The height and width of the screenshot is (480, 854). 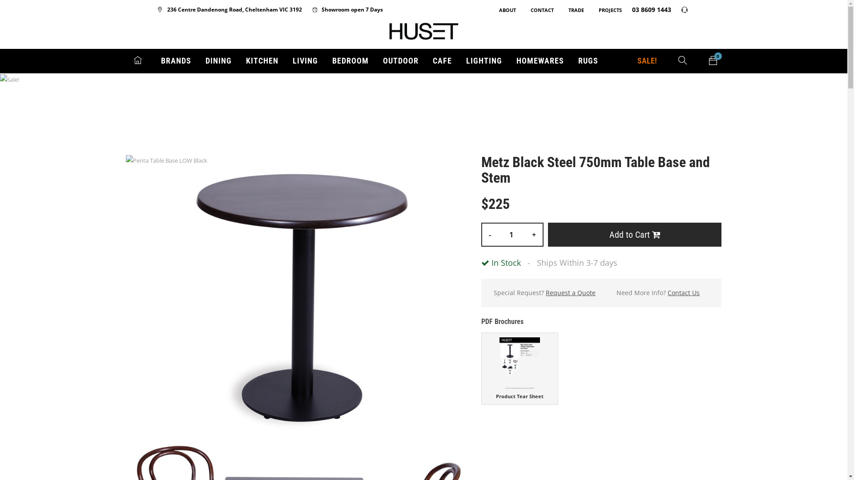 I want to click on '+', so click(x=534, y=234).